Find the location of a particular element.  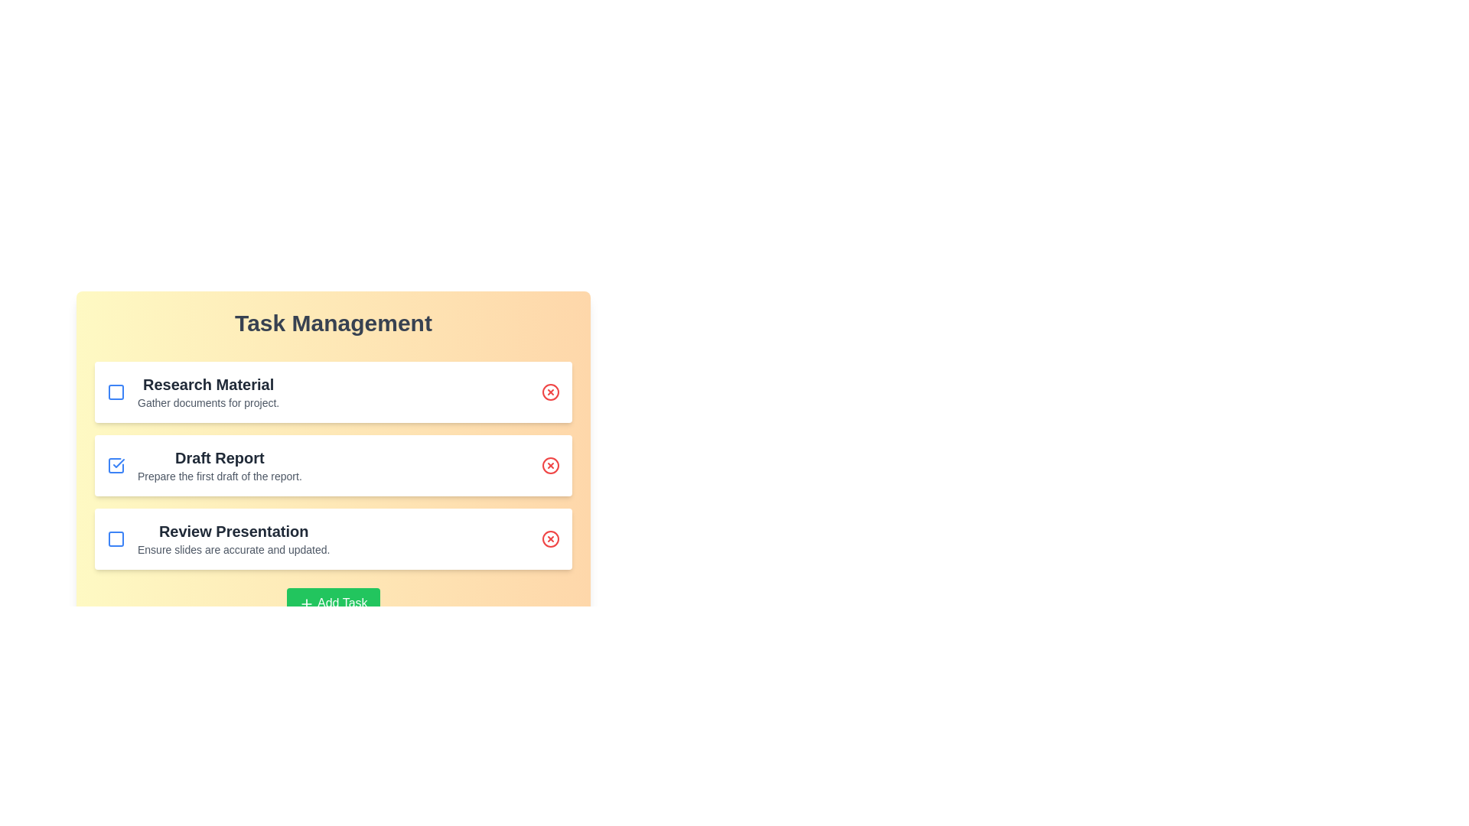

delete button for the task titled Draft Report is located at coordinates (551, 465).